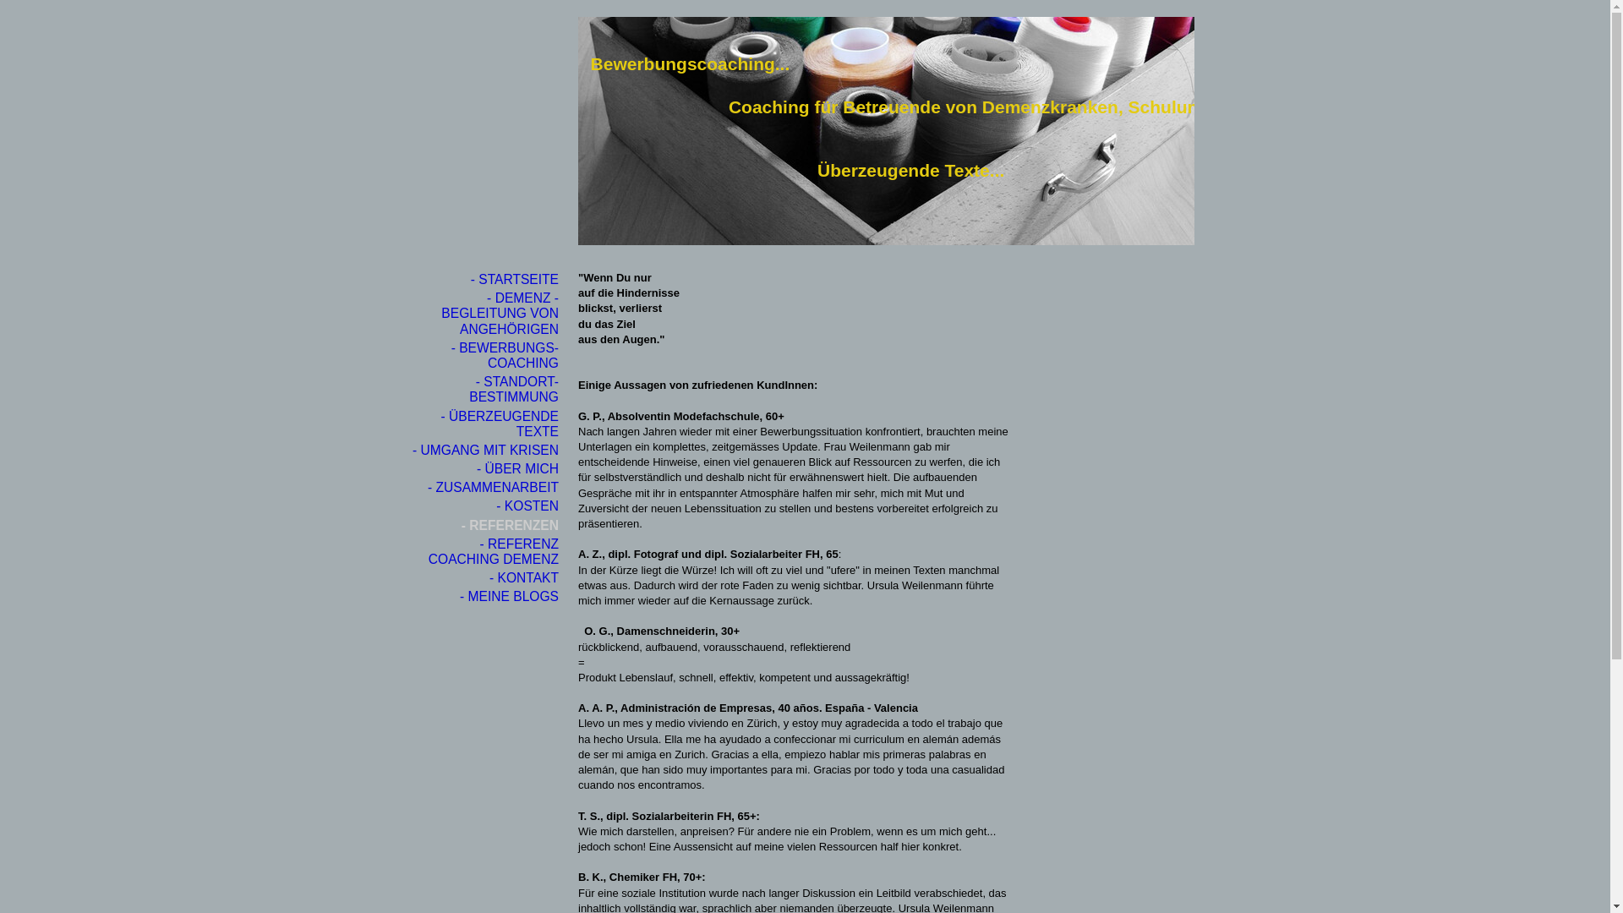 The image size is (1623, 913). What do you see at coordinates (411, 354) in the screenshot?
I see `'- BEWERBUNGS-COACHING'` at bounding box center [411, 354].